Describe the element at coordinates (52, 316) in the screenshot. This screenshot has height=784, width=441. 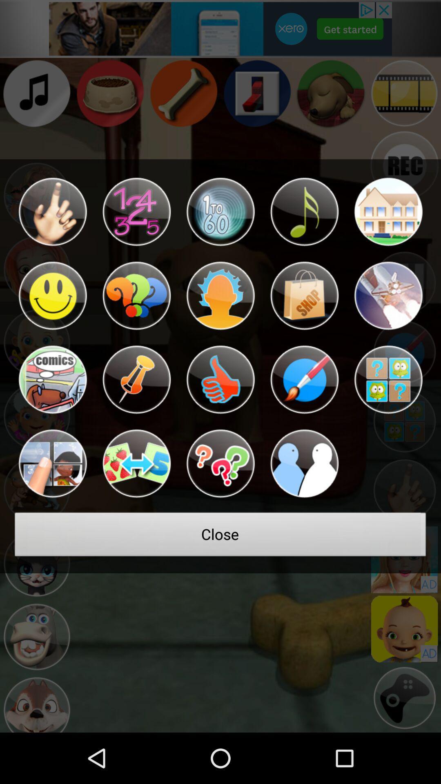
I see `the emoji icon` at that location.